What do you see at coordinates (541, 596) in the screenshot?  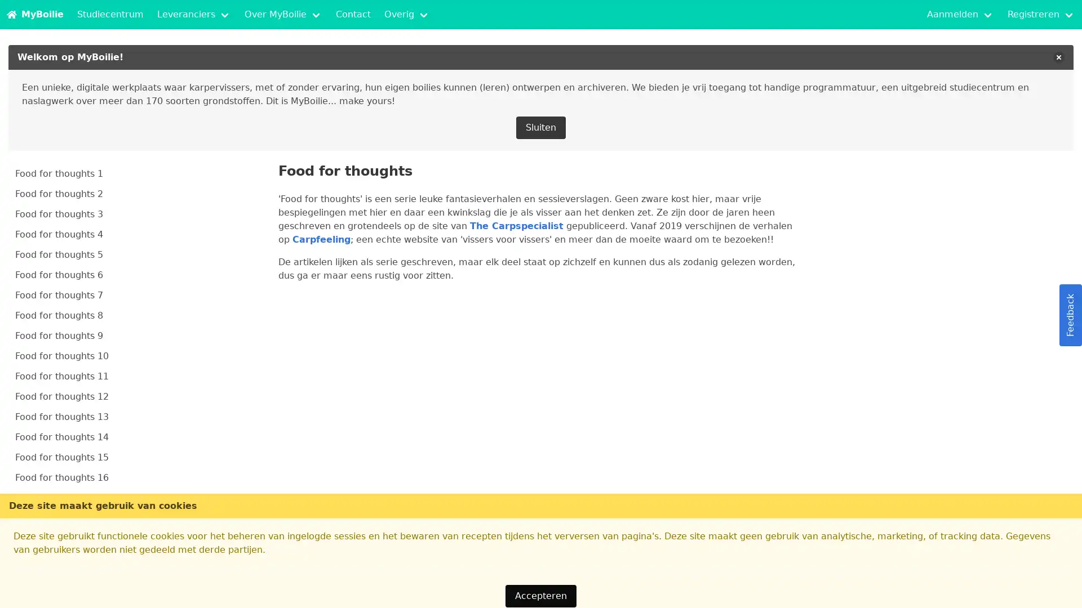 I see `Accepteren` at bounding box center [541, 596].